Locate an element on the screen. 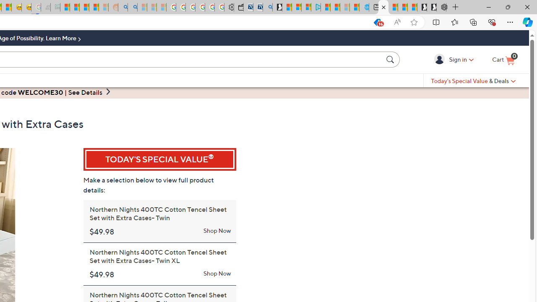 Image resolution: width=537 pixels, height=302 pixels. 'This site has coupons! Shopping in Microsoft Edge, 16' is located at coordinates (360, 22).